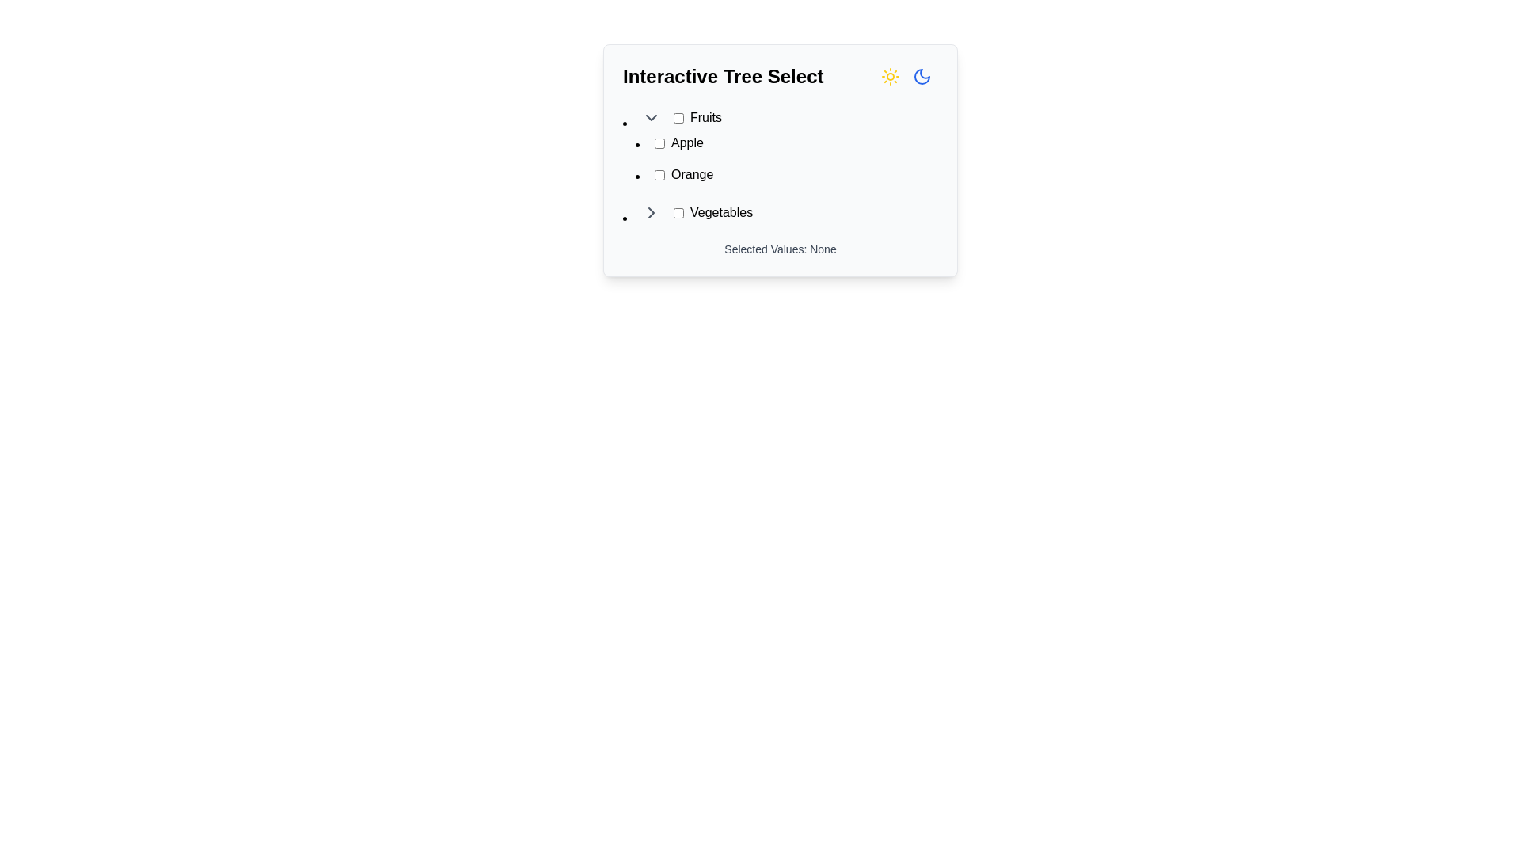  I want to click on the text label that denotes the selectable item 'Apple' located in the 'Fruits' category of the tree selection interface, so click(687, 143).